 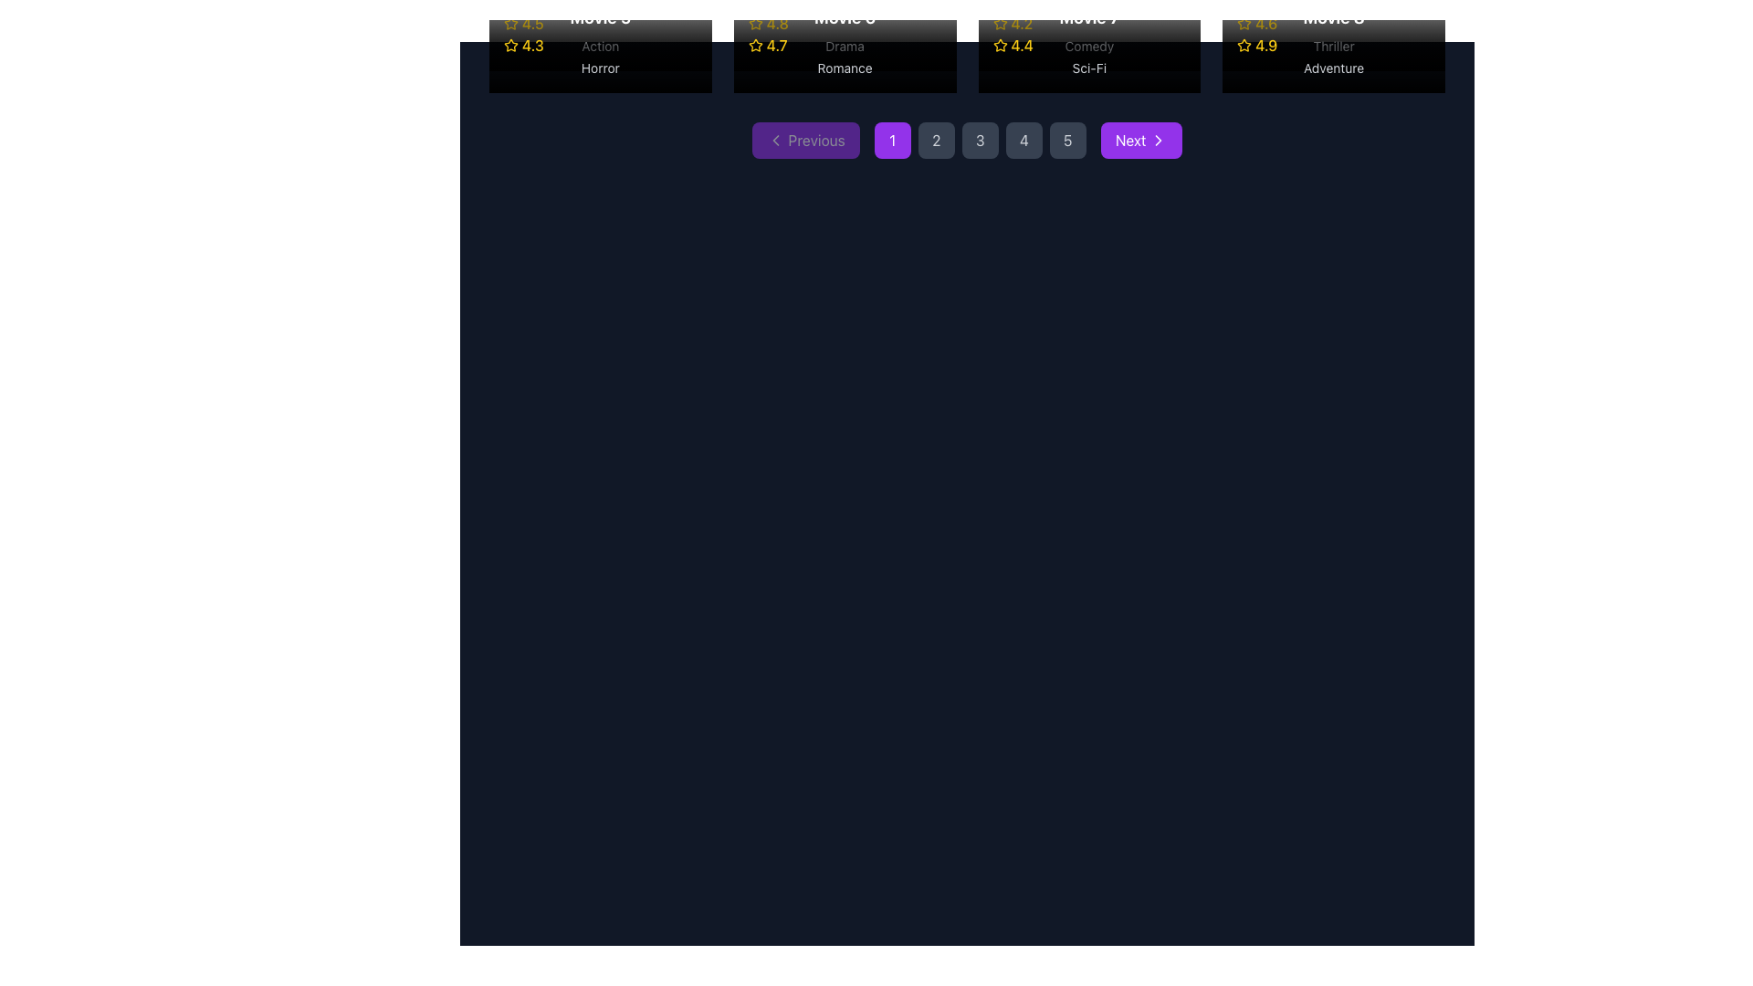 What do you see at coordinates (1089, 17) in the screenshot?
I see `the movie title label located at the top of the movie item card, which displays the title of a specific movie in a grid layout` at bounding box center [1089, 17].